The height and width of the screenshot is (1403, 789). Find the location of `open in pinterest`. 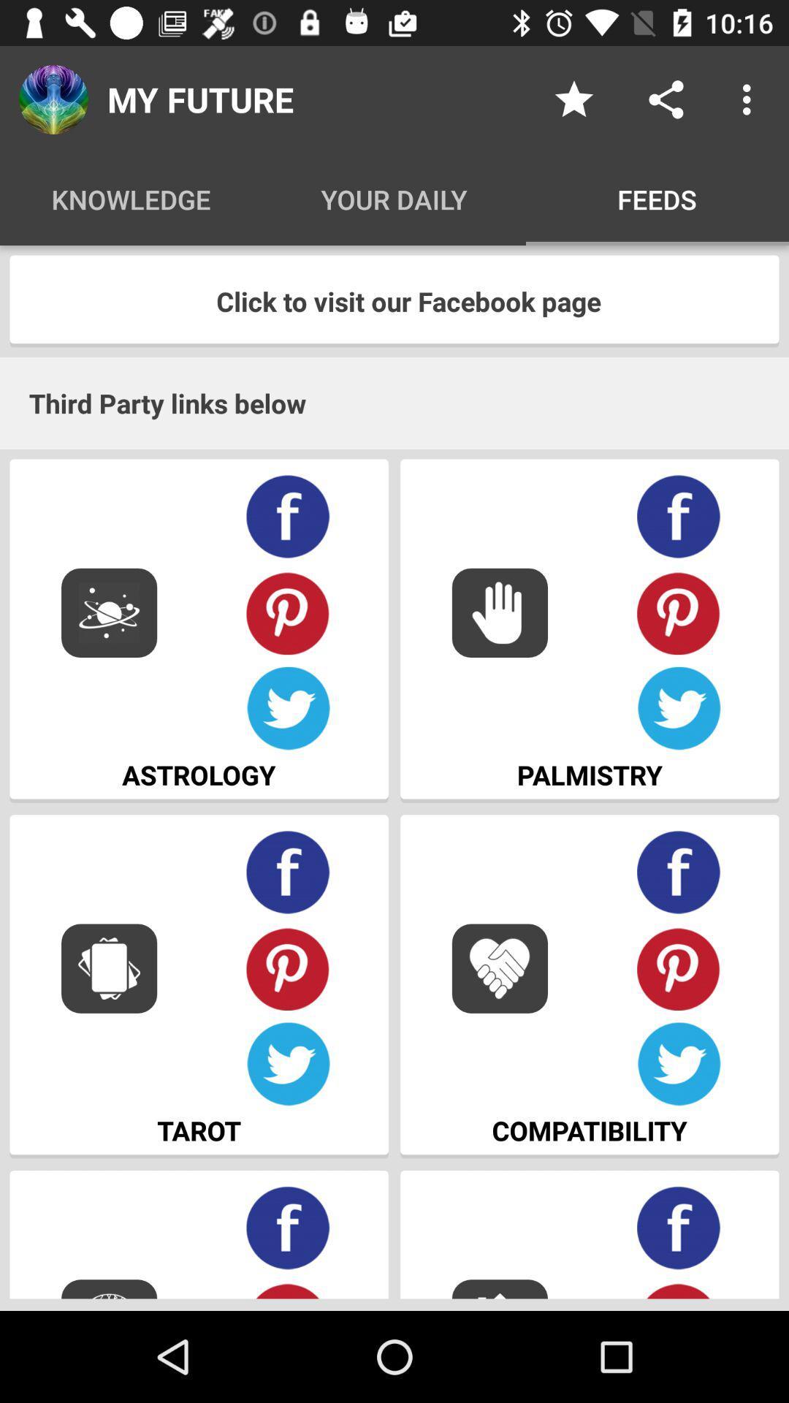

open in pinterest is located at coordinates (288, 968).